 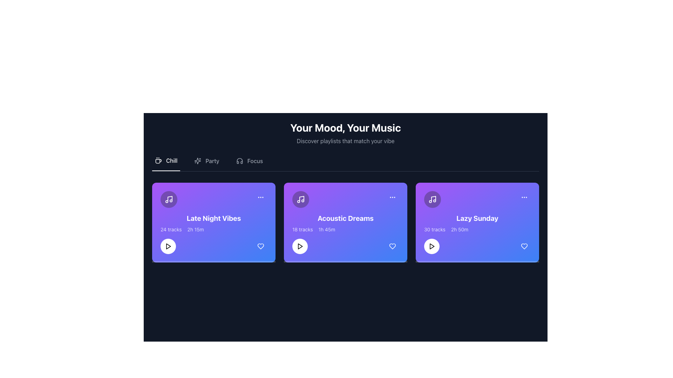 What do you see at coordinates (197, 161) in the screenshot?
I see `the star-shaped decorative icon in the top navigation bar` at bounding box center [197, 161].